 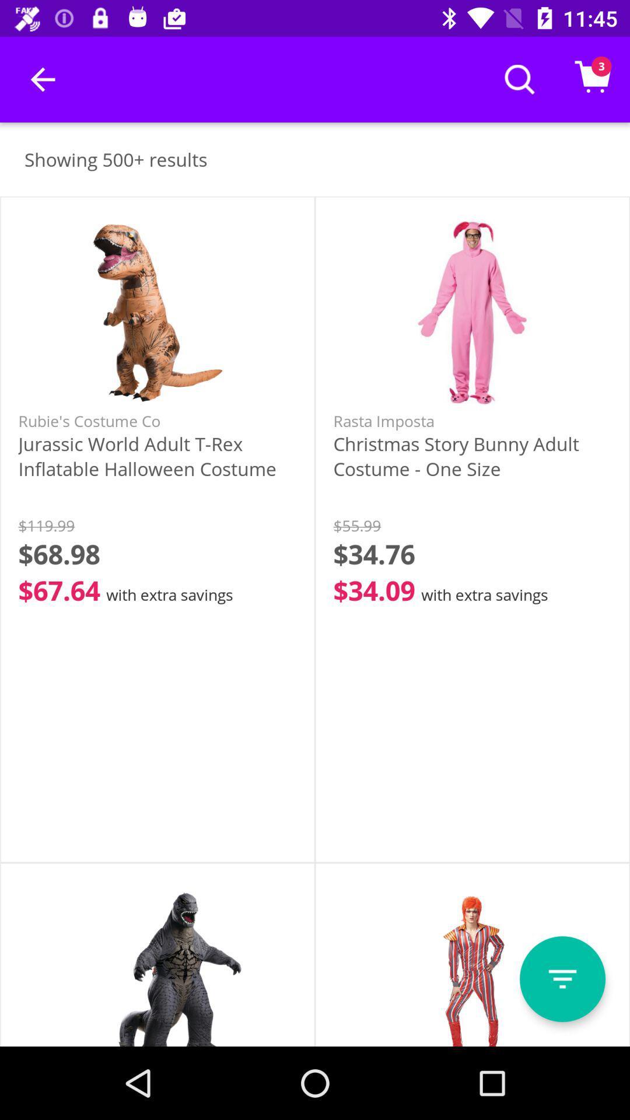 I want to click on item below with extra savings icon, so click(x=562, y=979).